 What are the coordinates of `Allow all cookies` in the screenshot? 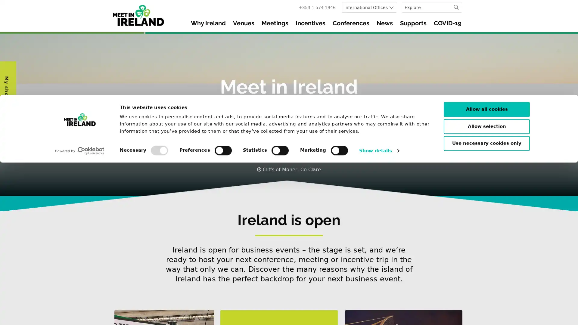 It's located at (487, 272).